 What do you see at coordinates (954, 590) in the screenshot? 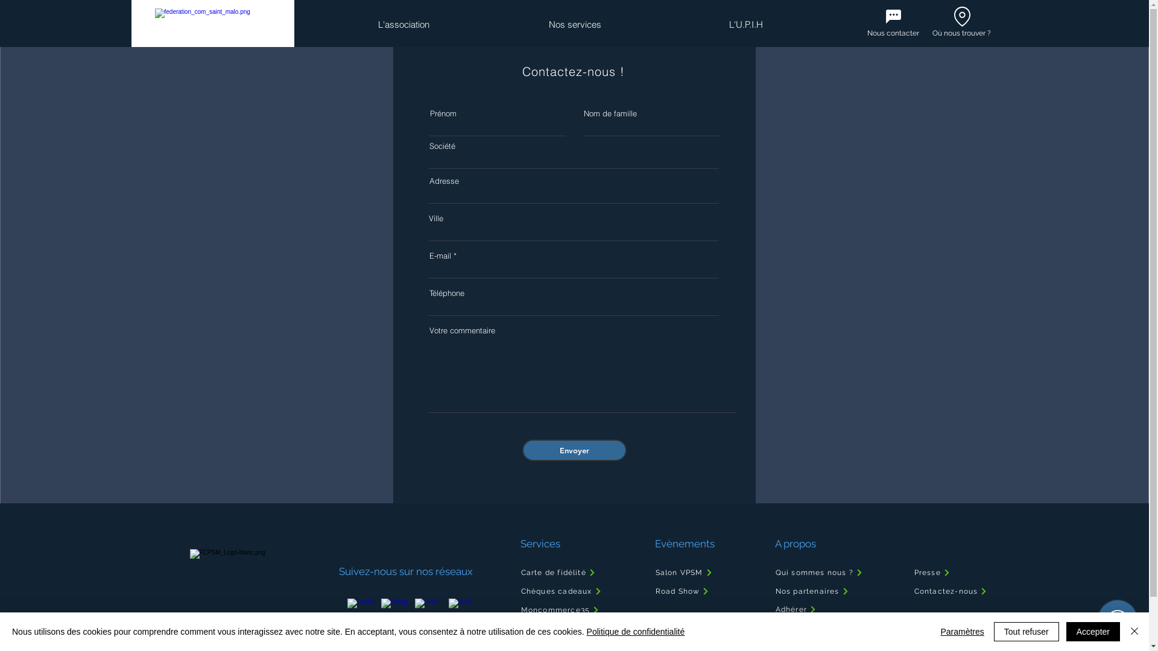
I see `'Contactez-nous'` at bounding box center [954, 590].